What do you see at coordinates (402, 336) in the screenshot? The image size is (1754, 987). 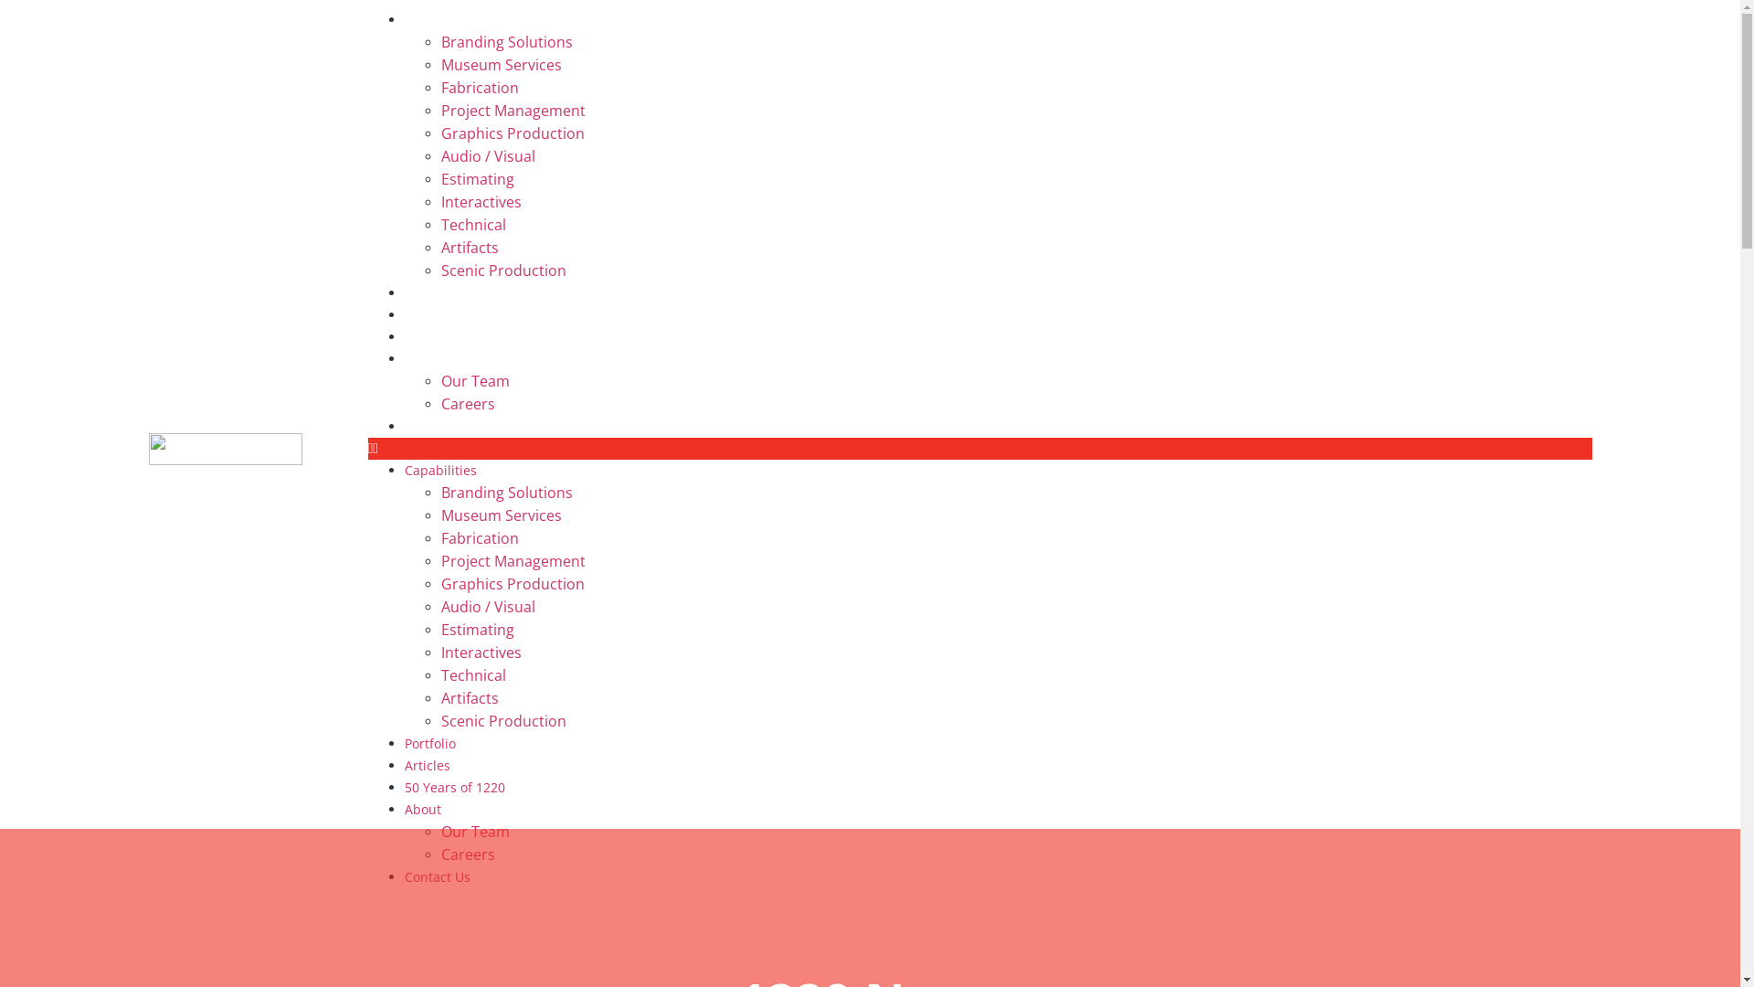 I see `'50 Years of 1220'` at bounding box center [402, 336].